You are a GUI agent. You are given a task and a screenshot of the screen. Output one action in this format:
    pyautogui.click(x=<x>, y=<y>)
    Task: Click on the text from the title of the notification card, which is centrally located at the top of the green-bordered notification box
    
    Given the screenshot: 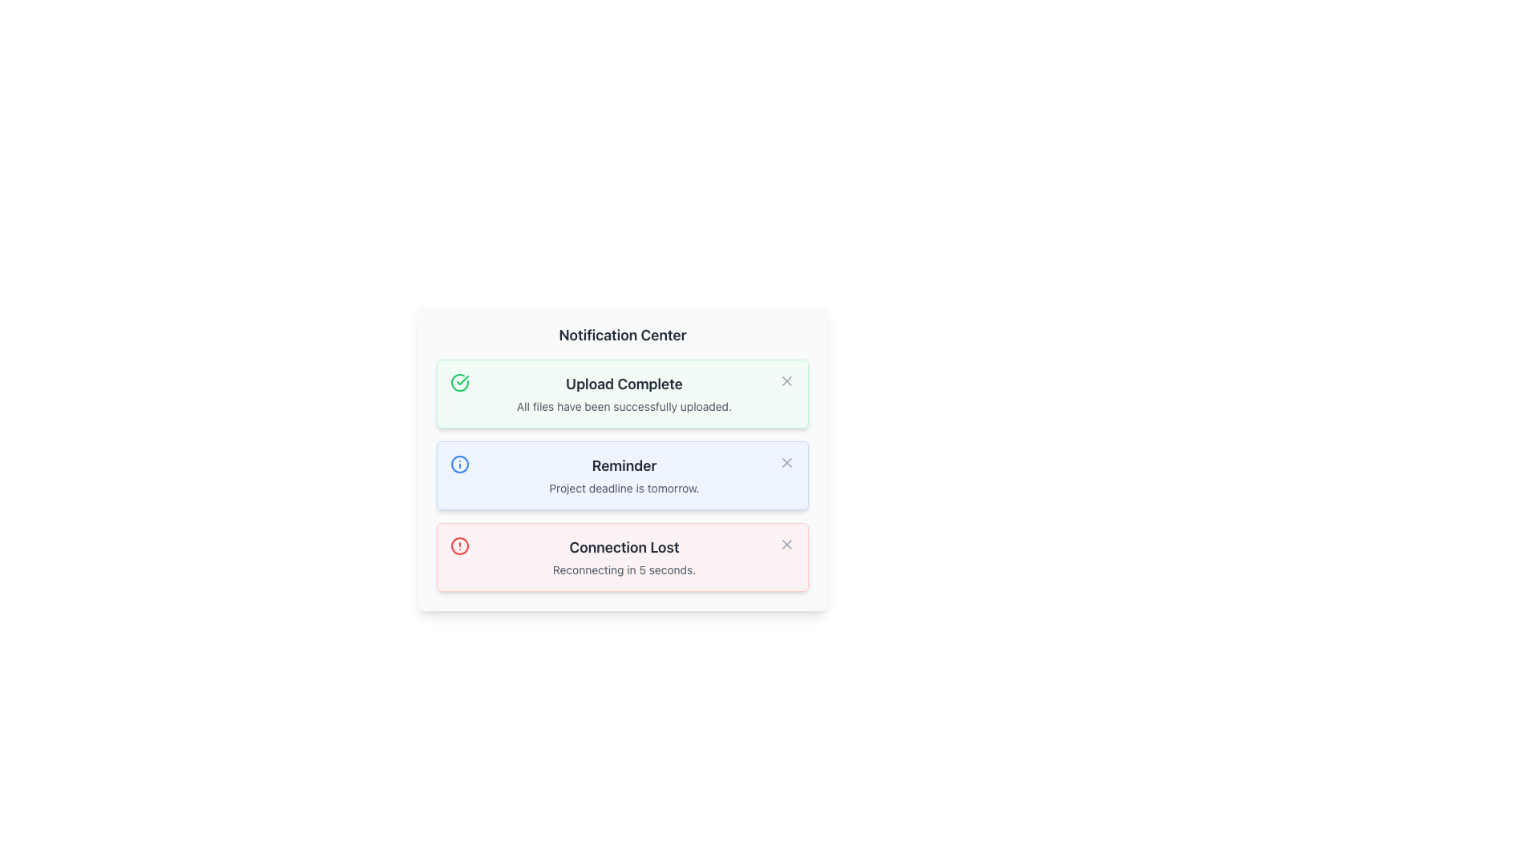 What is the action you would take?
    pyautogui.click(x=623, y=384)
    